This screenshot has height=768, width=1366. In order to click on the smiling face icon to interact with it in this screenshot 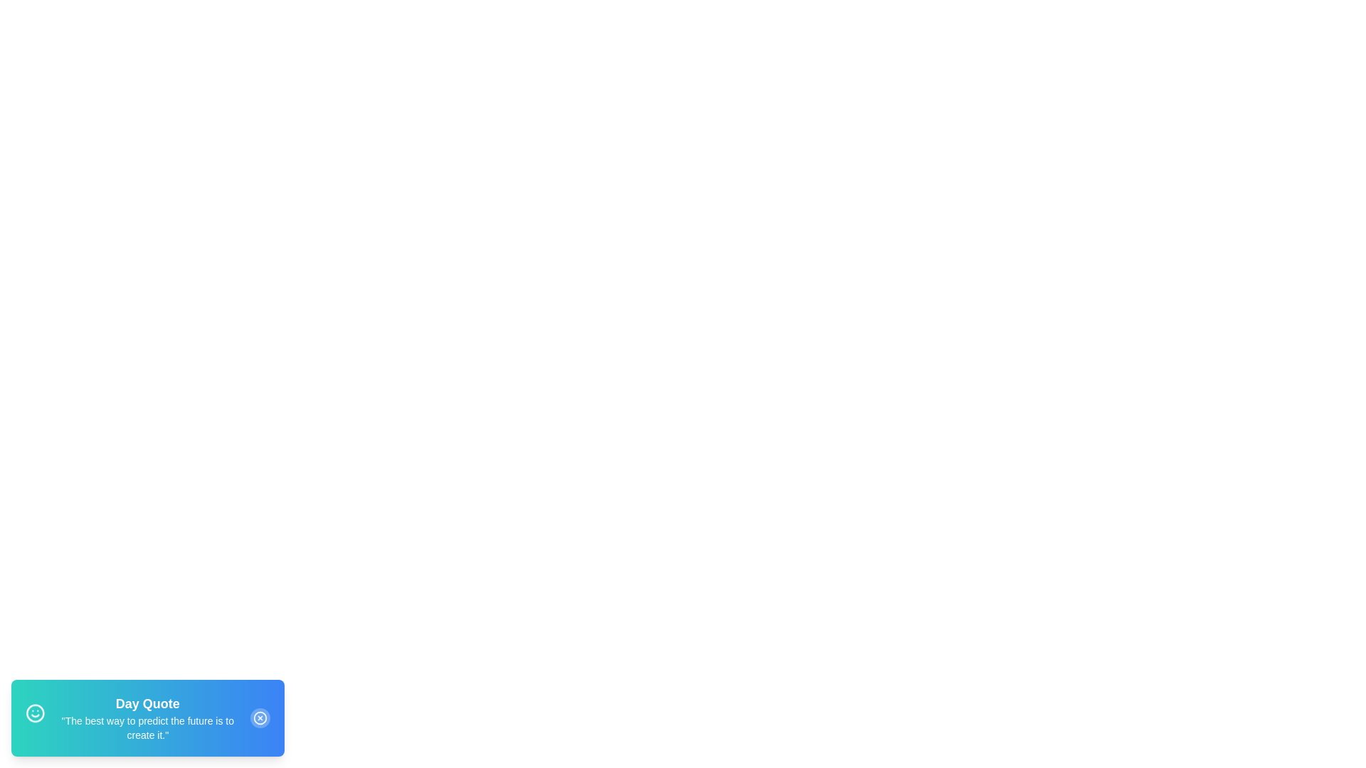, I will do `click(35, 715)`.